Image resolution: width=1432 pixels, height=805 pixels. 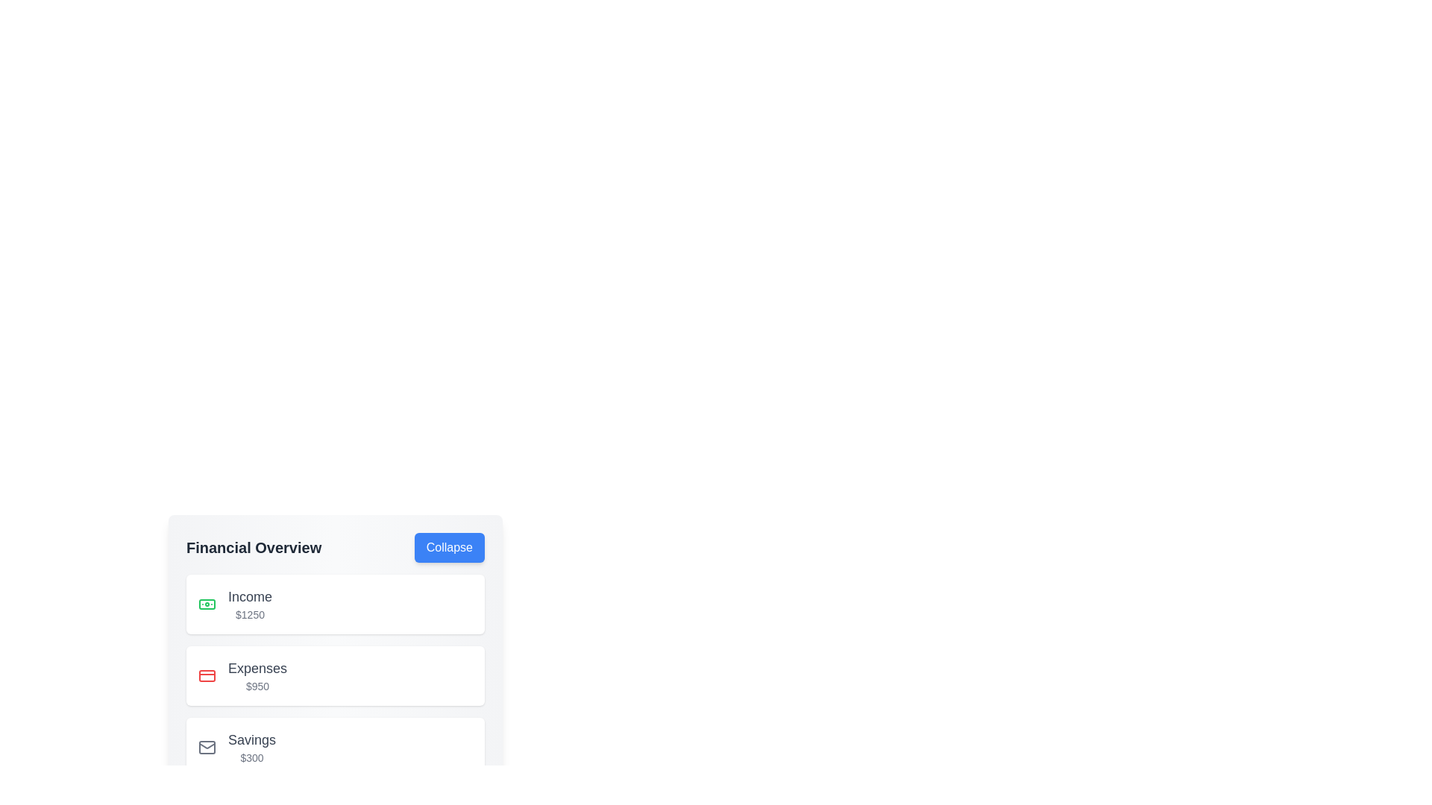 I want to click on the second Content card in the Financial Overview section that displays an overview of expense information, so click(x=335, y=675).